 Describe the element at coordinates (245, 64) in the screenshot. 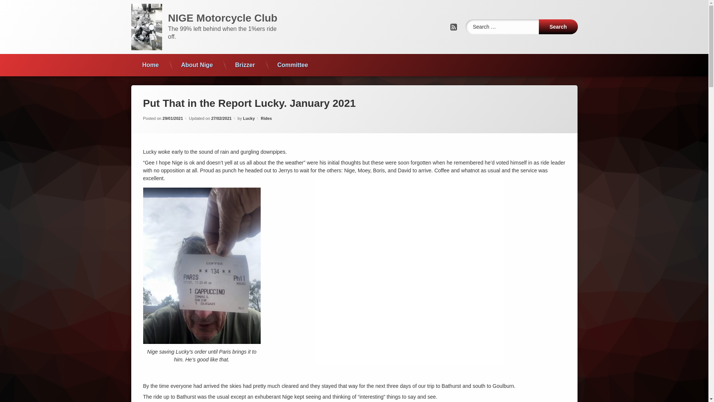

I see `'Brizzer'` at that location.